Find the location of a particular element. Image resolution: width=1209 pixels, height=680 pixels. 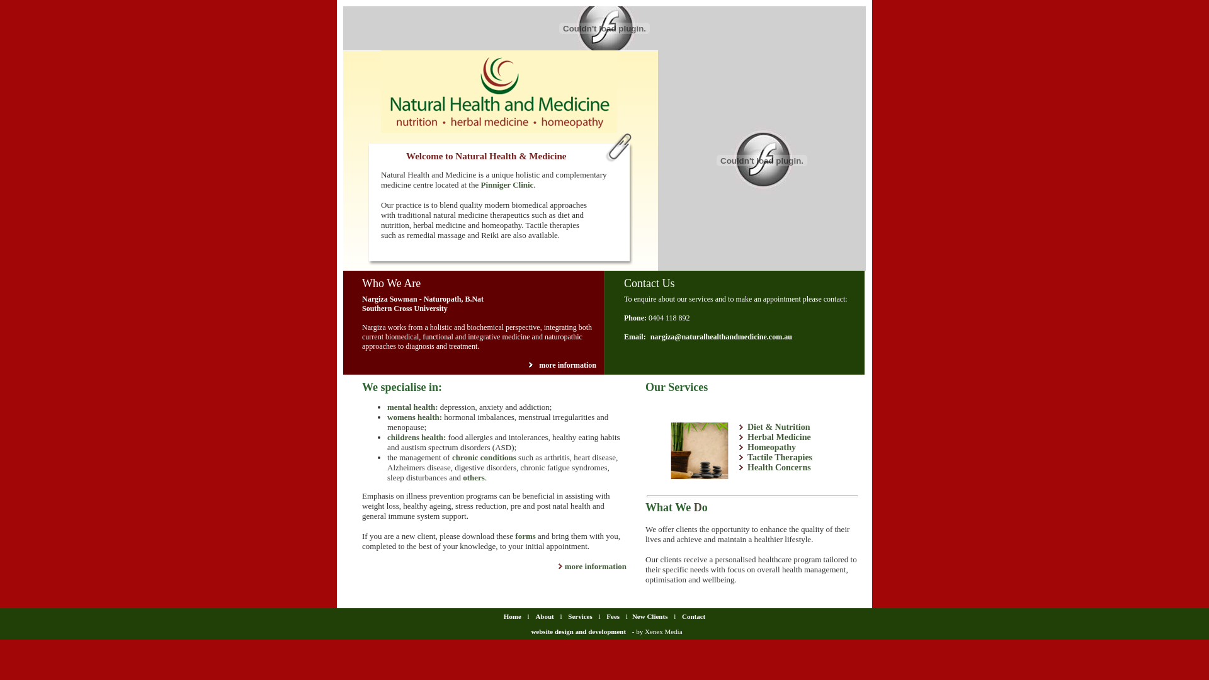

'Pinniger Clinic' is located at coordinates (507, 184).